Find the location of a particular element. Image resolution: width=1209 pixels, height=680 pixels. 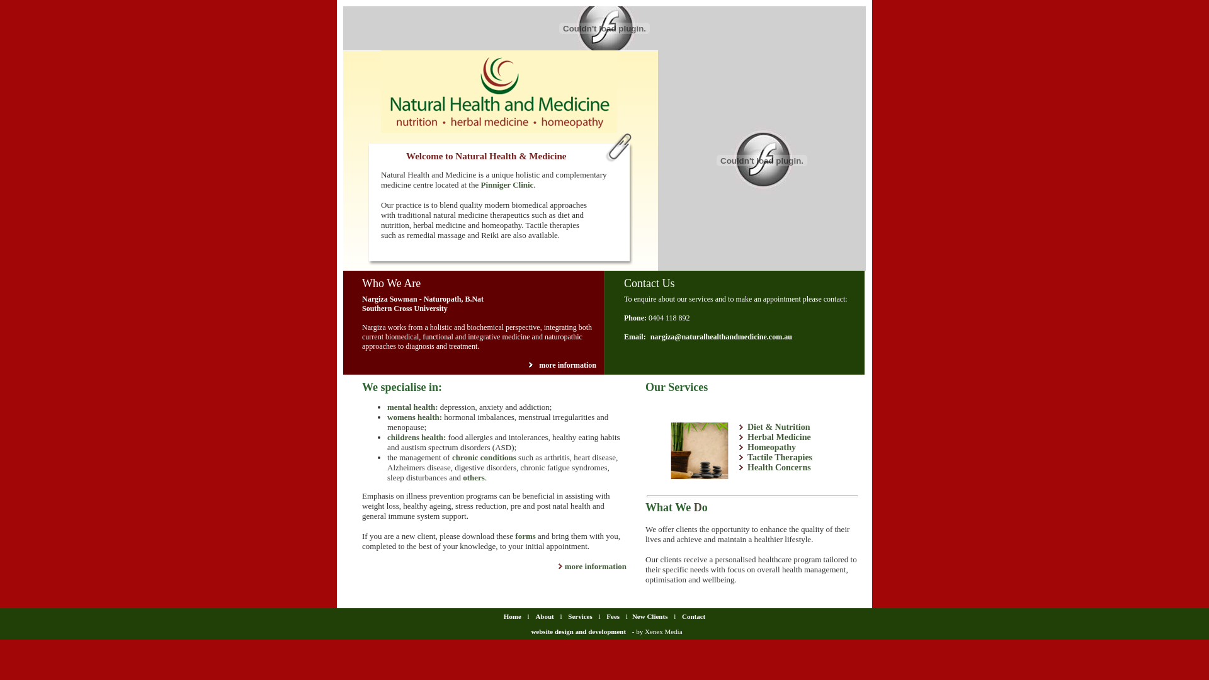

'Pinniger Clinic' is located at coordinates (507, 184).